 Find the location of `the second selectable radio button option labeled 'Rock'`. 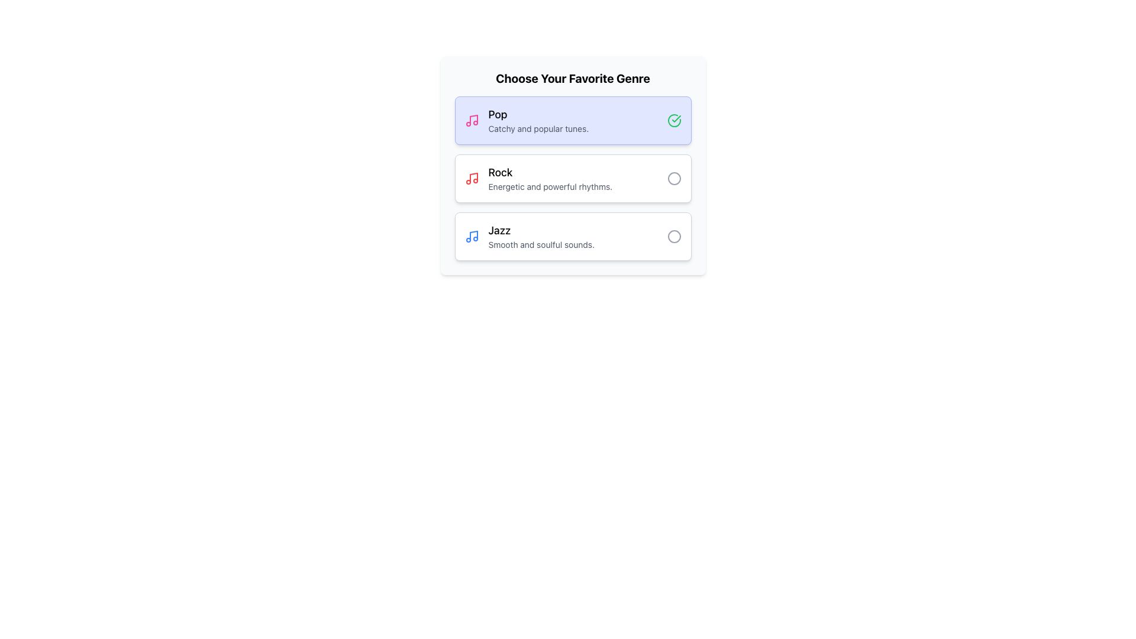

the second selectable radio button option labeled 'Rock' is located at coordinates (573, 166).